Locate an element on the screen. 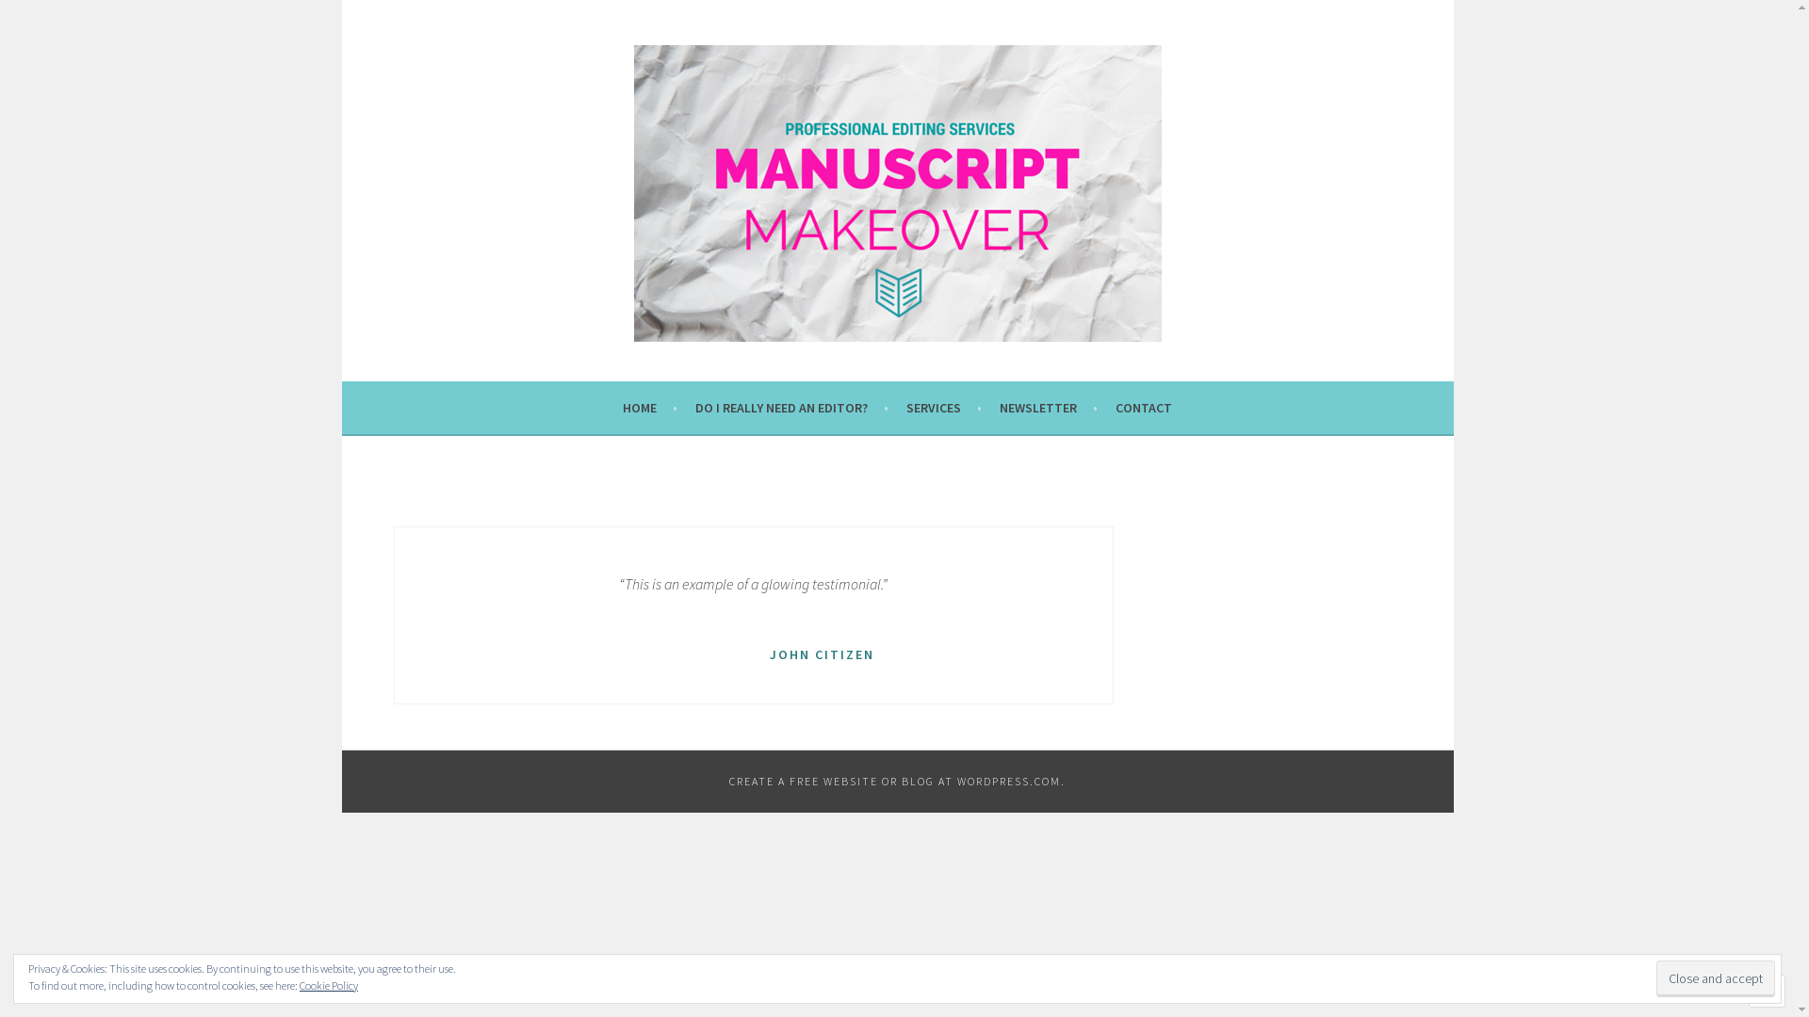  'CONTACT' is located at coordinates (1143, 406).